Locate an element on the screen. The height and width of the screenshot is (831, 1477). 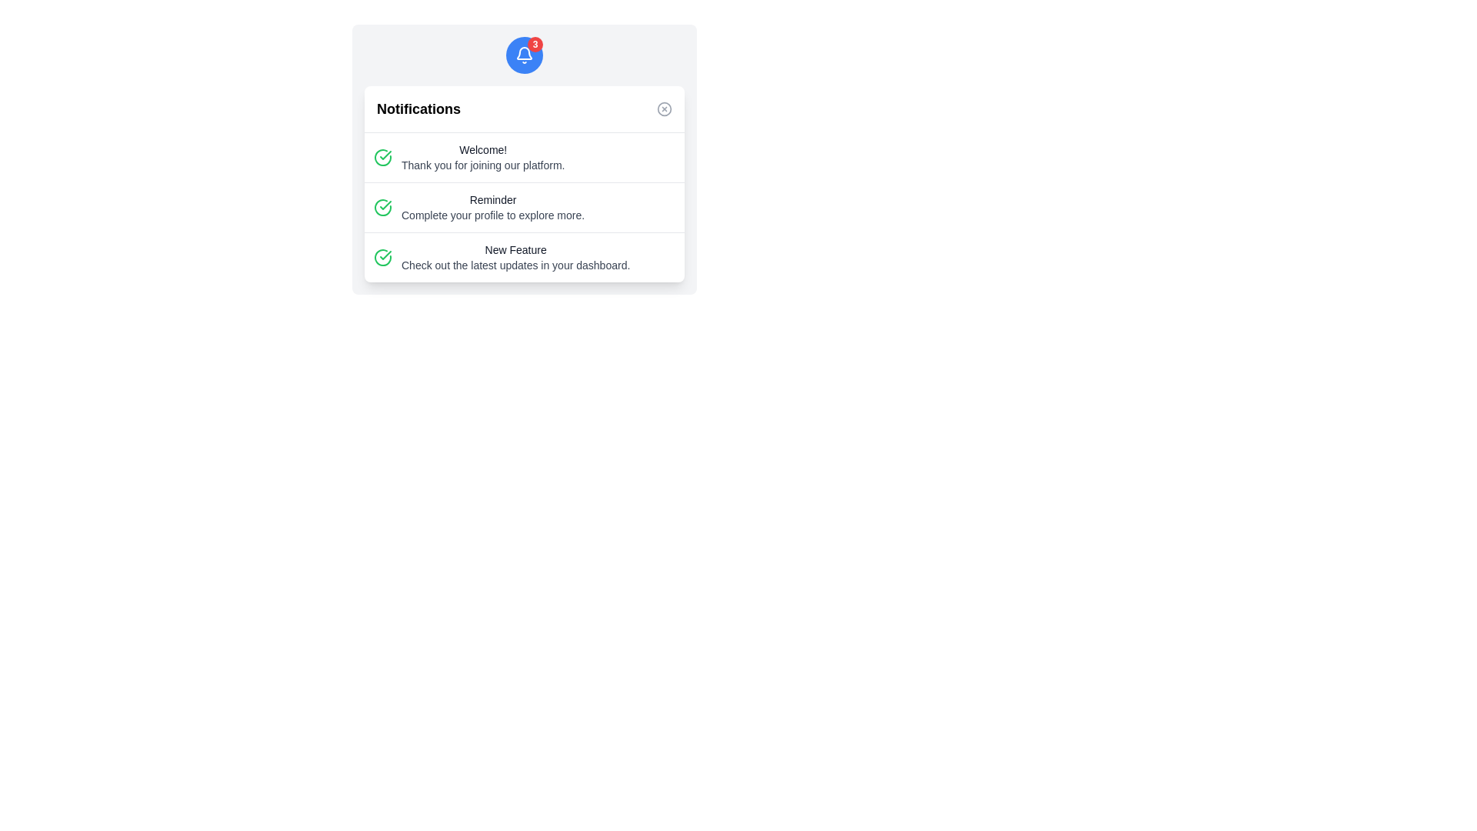
welcoming message displayed in the Text Display located below the circular icon with a notification badge in the Notifications panel is located at coordinates (482, 157).